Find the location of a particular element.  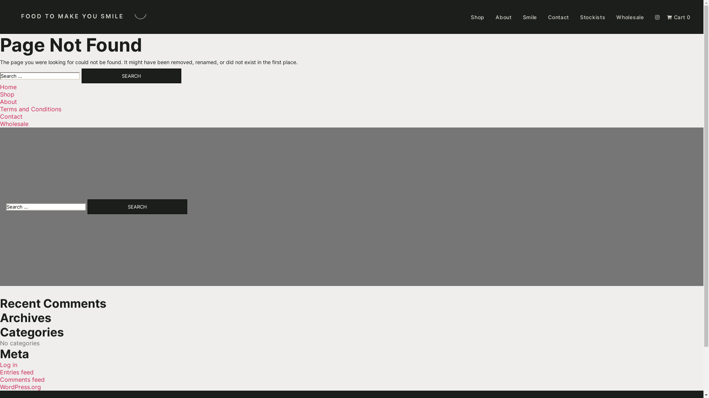

'Shop' is located at coordinates (7, 94).